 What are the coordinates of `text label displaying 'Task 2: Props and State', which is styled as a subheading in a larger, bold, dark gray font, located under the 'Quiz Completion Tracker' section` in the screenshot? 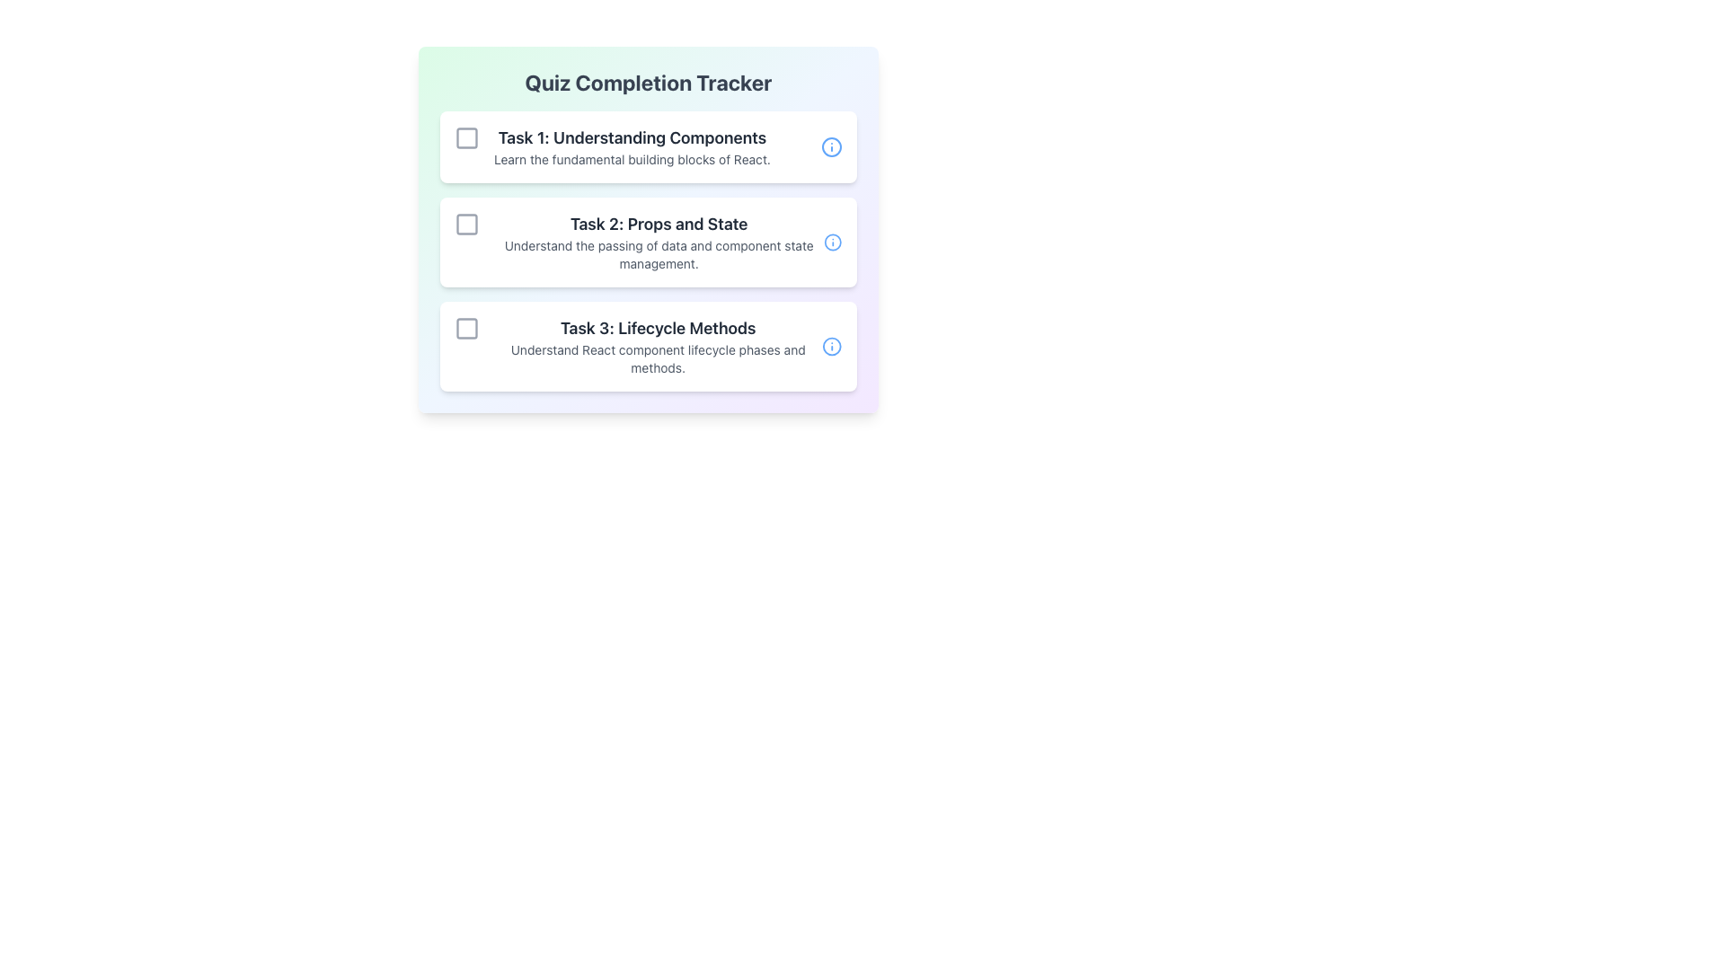 It's located at (658, 224).